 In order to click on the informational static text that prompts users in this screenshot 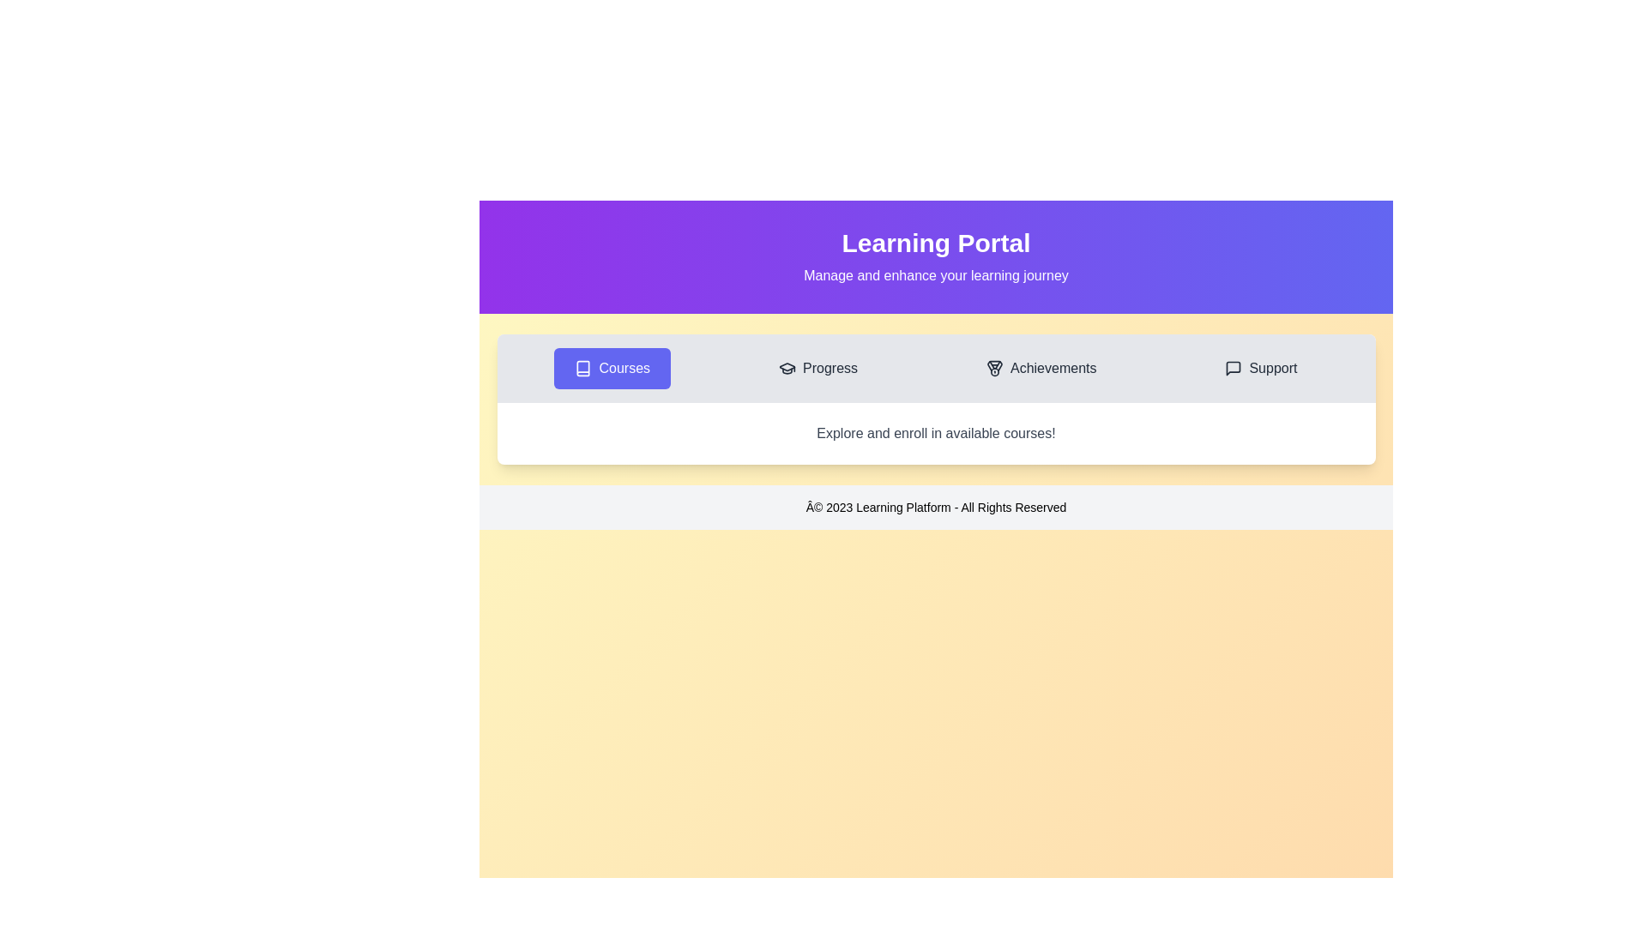, I will do `click(935, 432)`.